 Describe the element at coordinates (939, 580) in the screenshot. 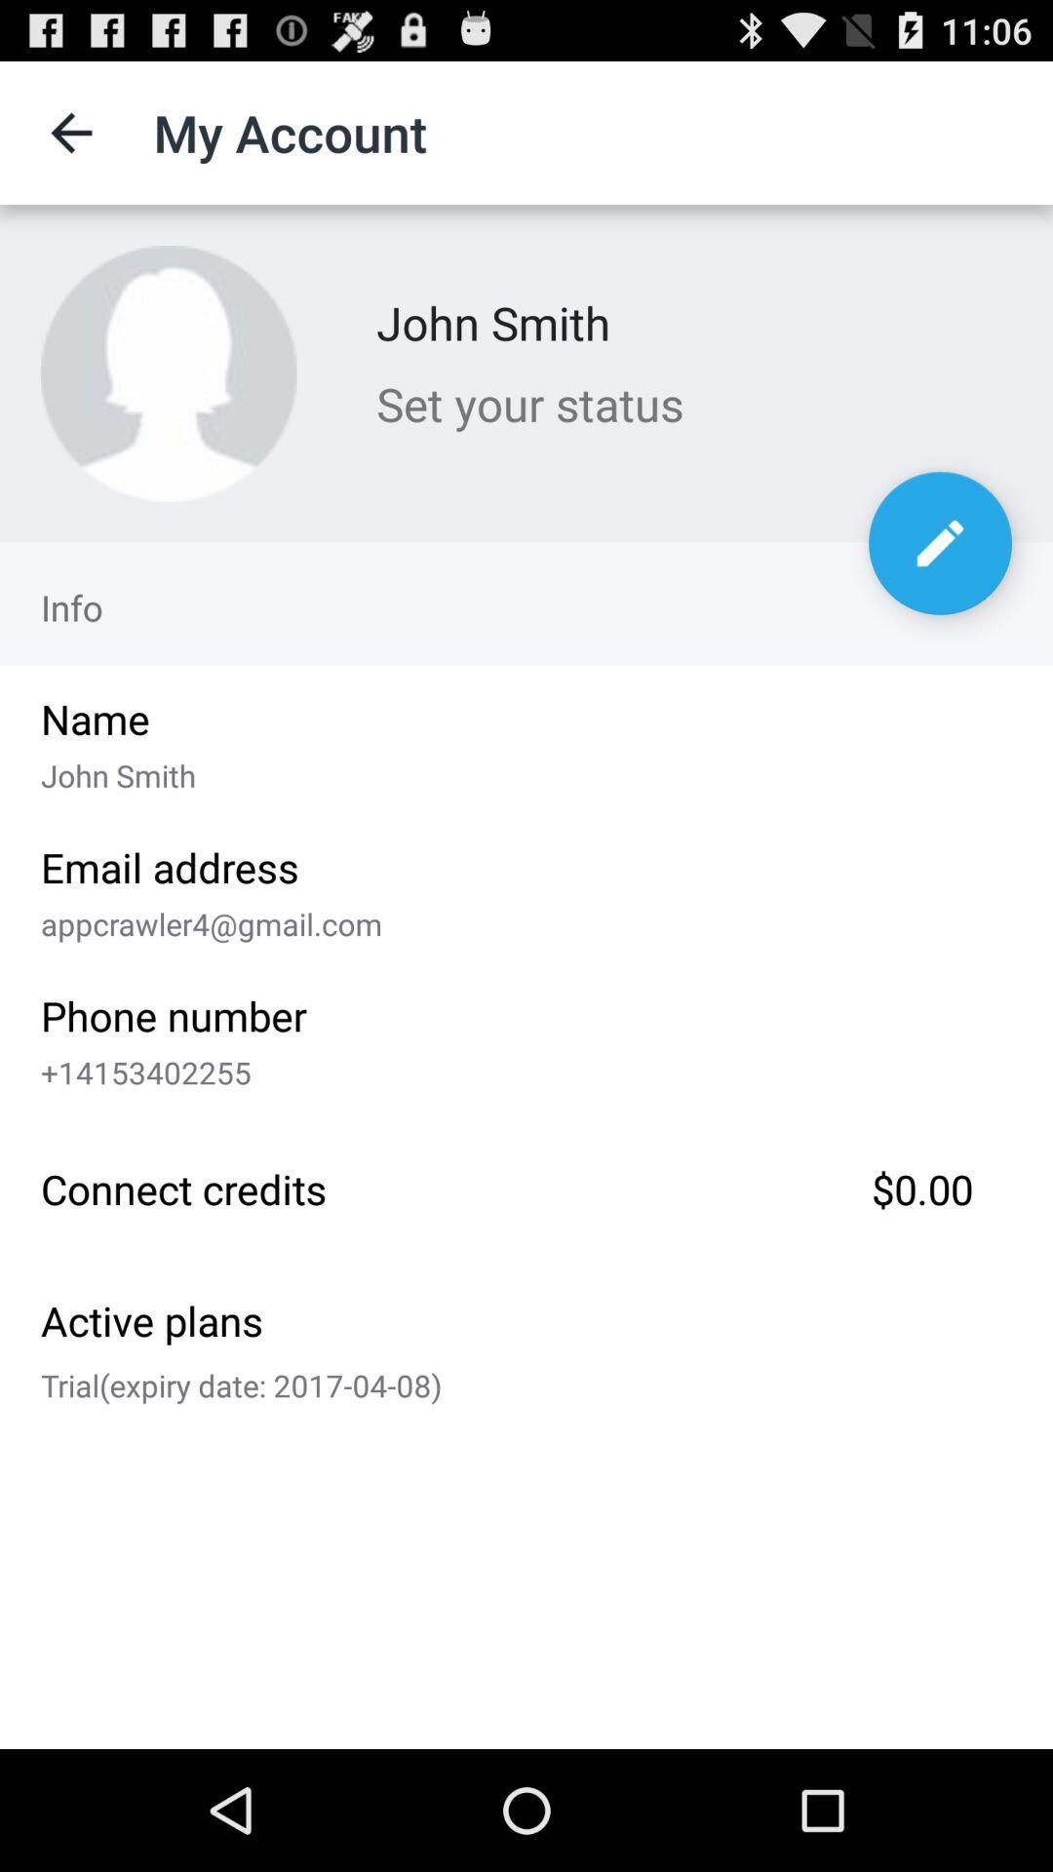

I see `the edit icon` at that location.